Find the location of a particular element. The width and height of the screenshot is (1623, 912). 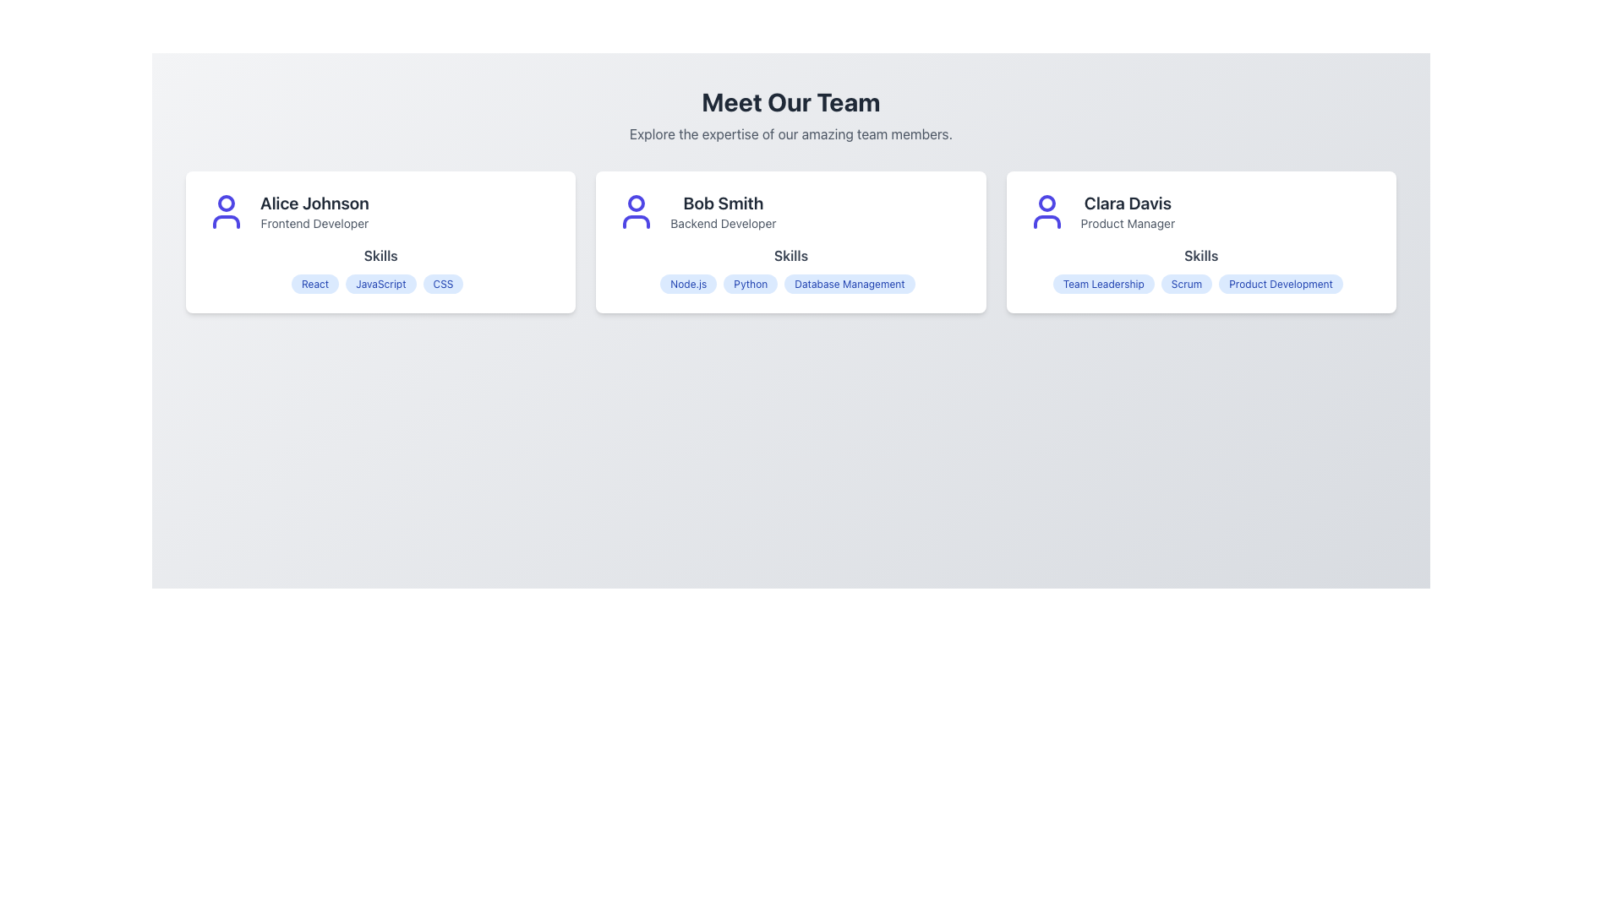

a specific skill within the Label Group displaying skills associated with Clara Davis is located at coordinates (1199, 269).